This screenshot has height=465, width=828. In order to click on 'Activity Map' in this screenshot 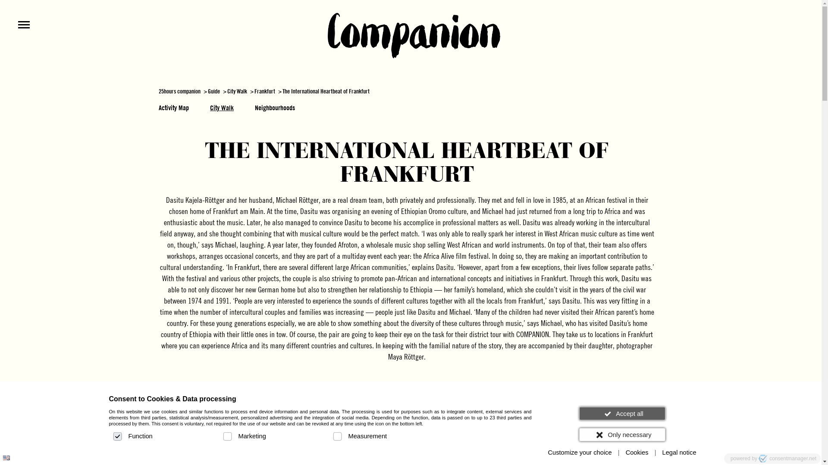, I will do `click(173, 107)`.